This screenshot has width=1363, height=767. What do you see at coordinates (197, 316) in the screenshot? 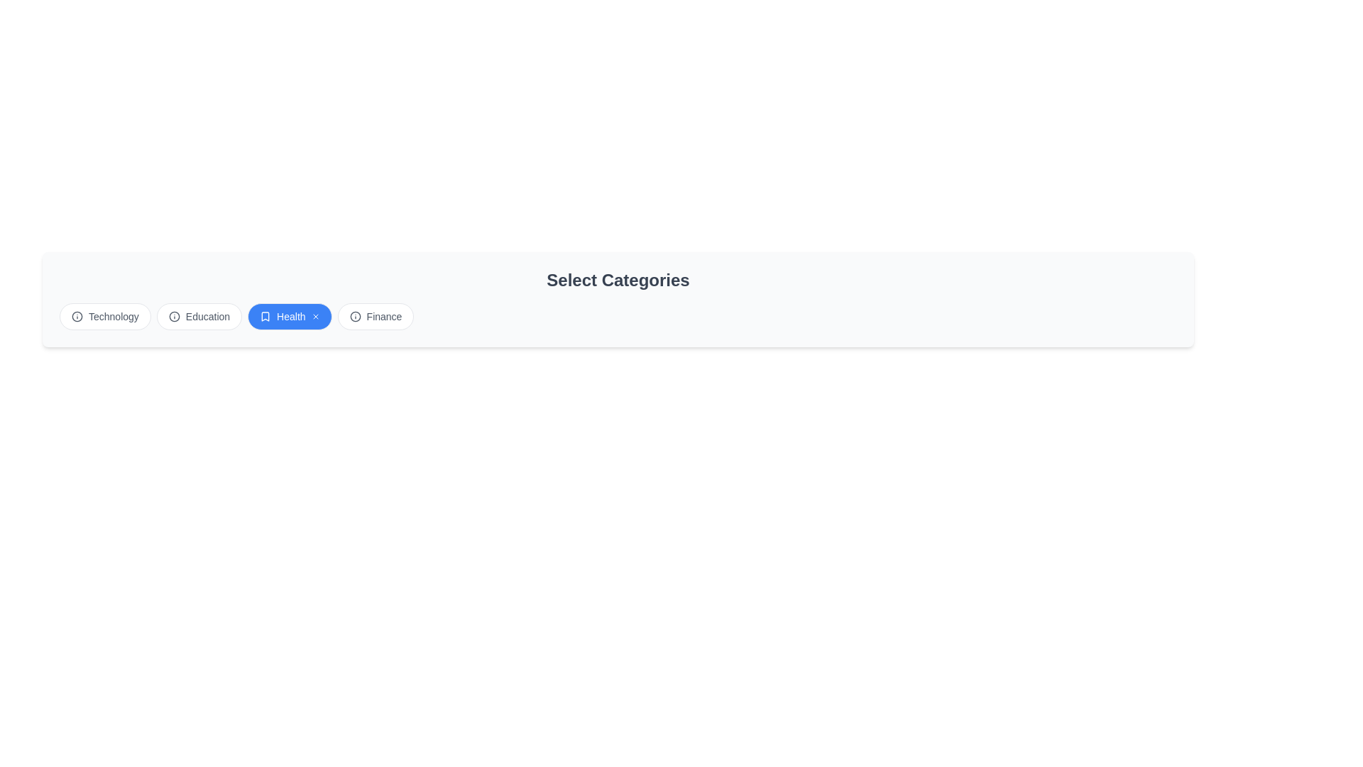
I see `the category Education by clicking on its chip` at bounding box center [197, 316].